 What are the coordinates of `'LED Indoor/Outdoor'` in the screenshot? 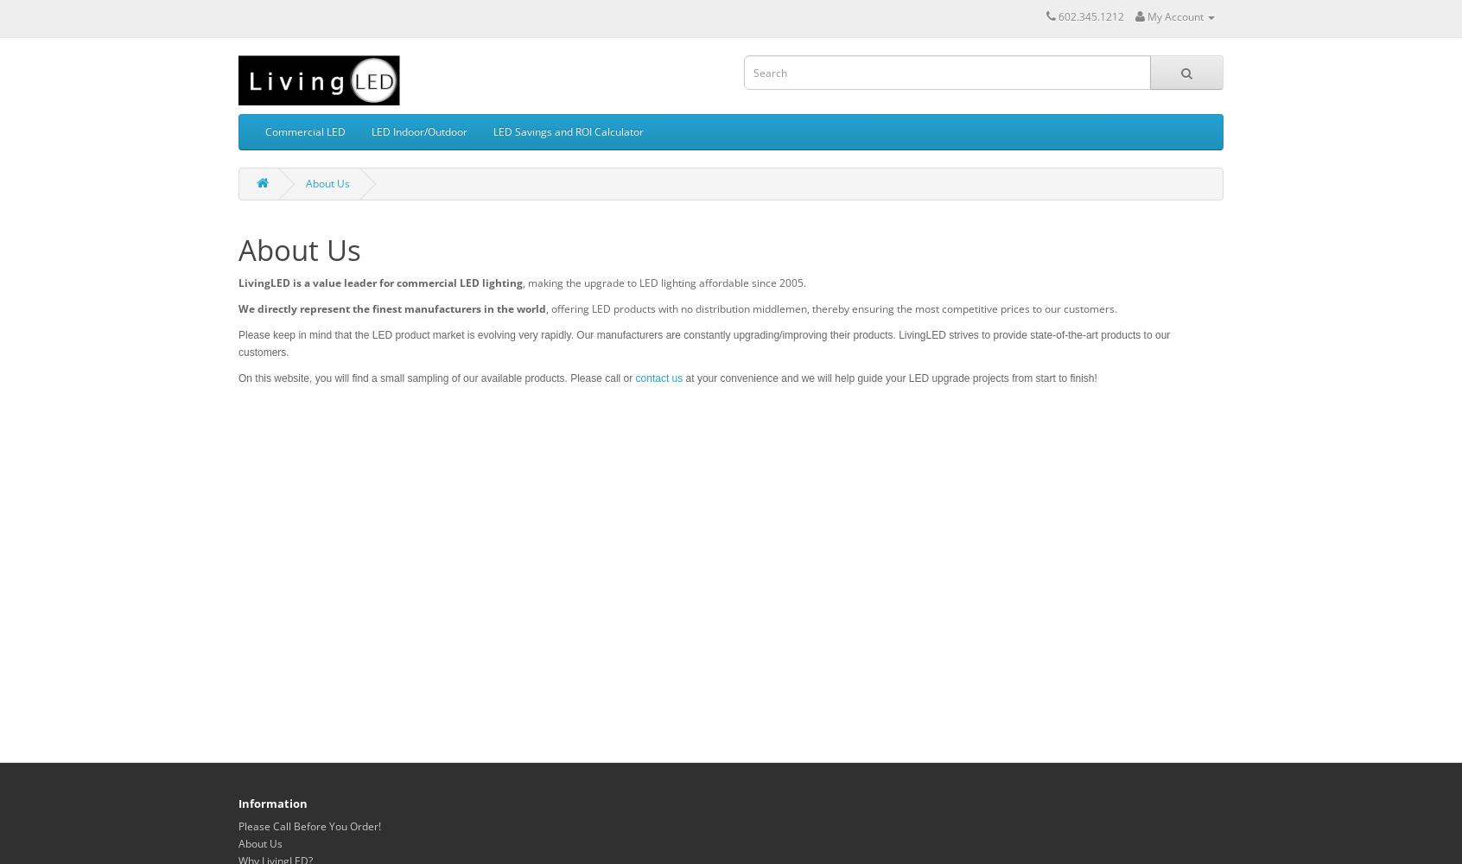 It's located at (370, 131).